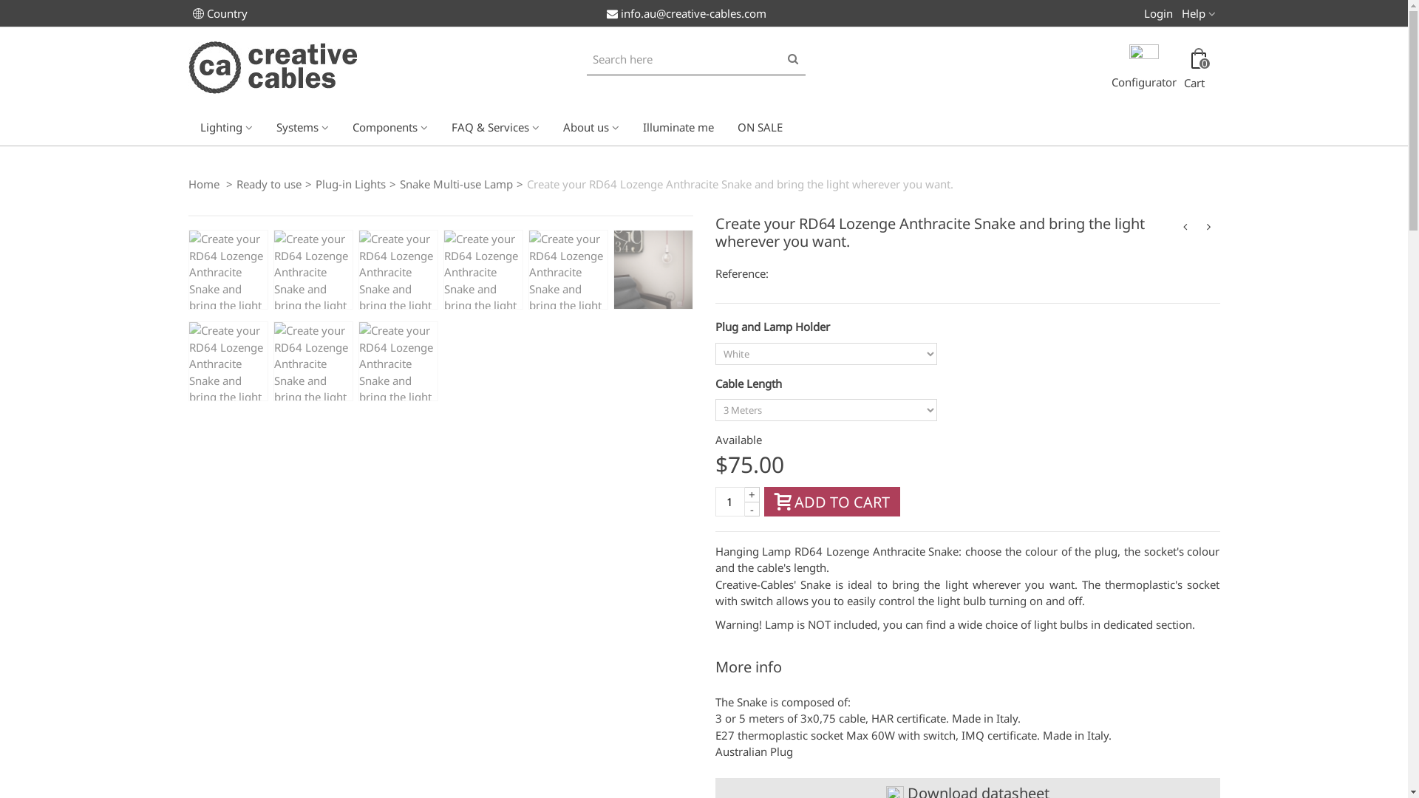 The width and height of the screenshot is (1419, 798). Describe the element at coordinates (752, 508) in the screenshot. I see `'-'` at that location.